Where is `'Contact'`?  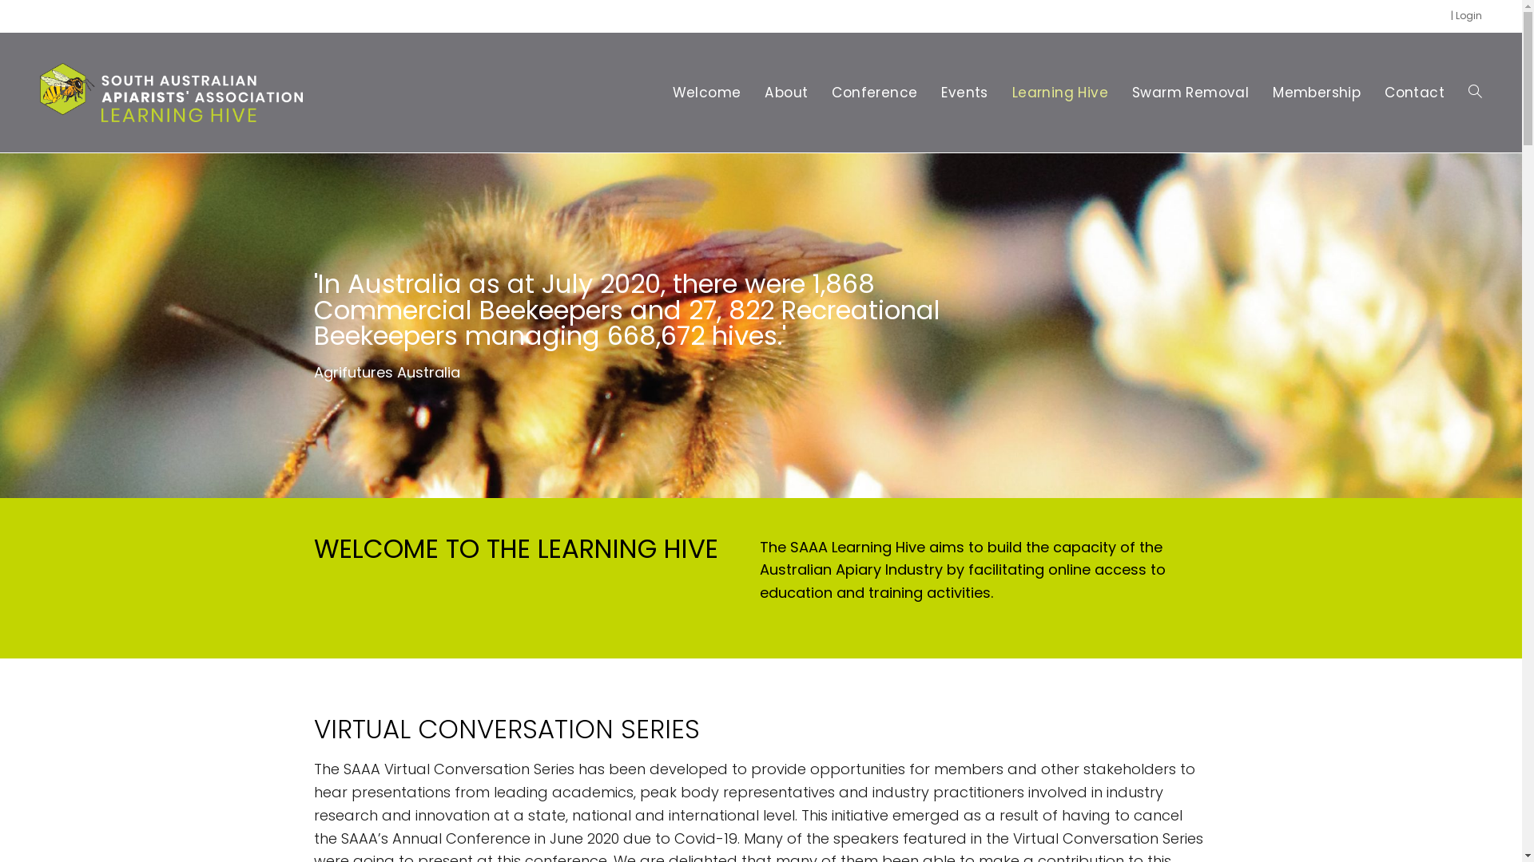 'Contact' is located at coordinates (1414, 92).